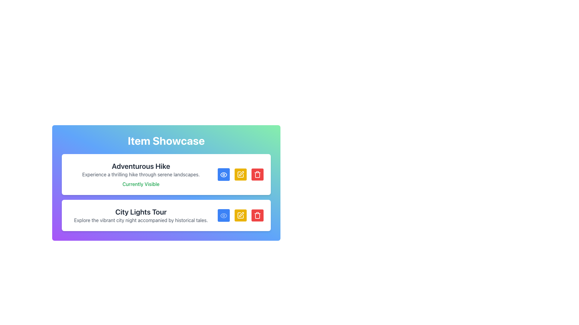 This screenshot has width=579, height=325. What do you see at coordinates (223, 174) in the screenshot?
I see `the visibility control button located to the left of the yellow pencil icon button in the control panel for the list item titled 'Adventurous Hike'` at bounding box center [223, 174].